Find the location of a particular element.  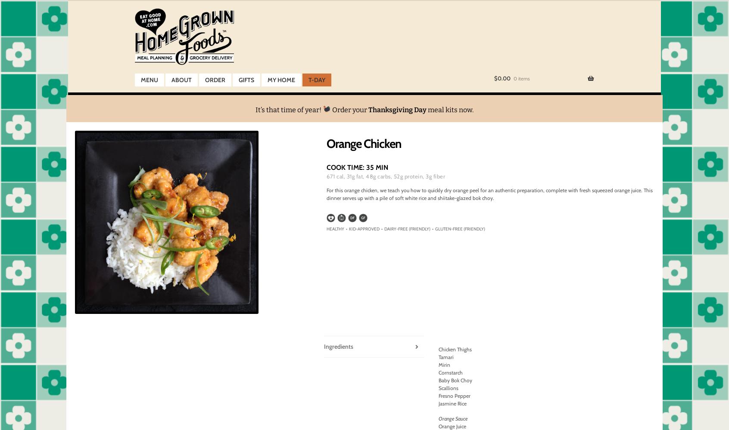

'Fresno Pepper' is located at coordinates (454, 396).